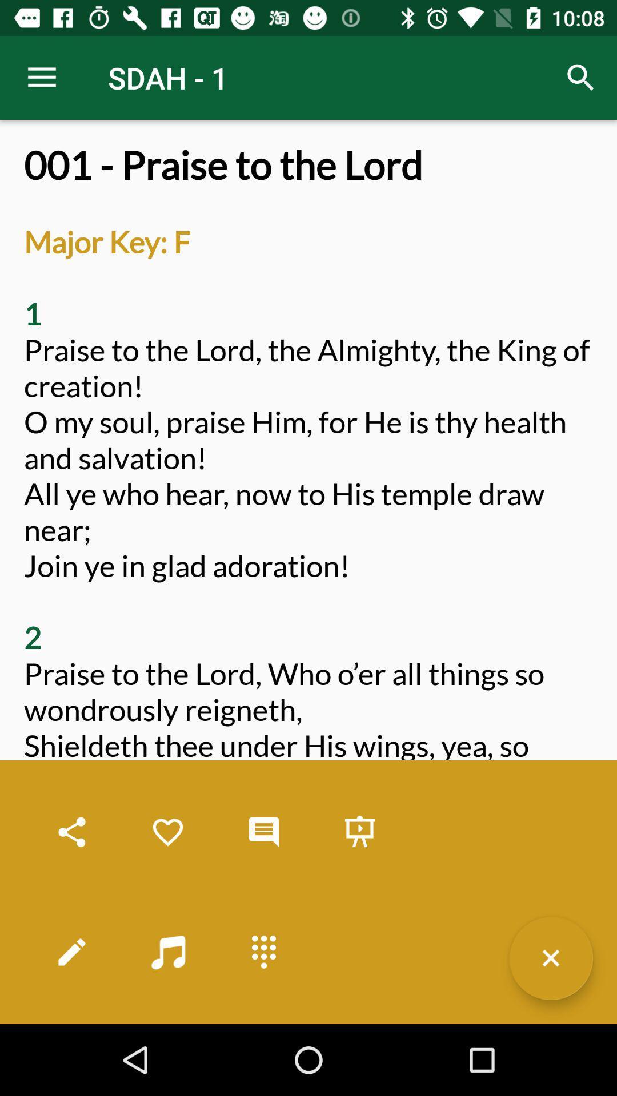 The image size is (617, 1096). What do you see at coordinates (167, 952) in the screenshot?
I see `open music` at bounding box center [167, 952].